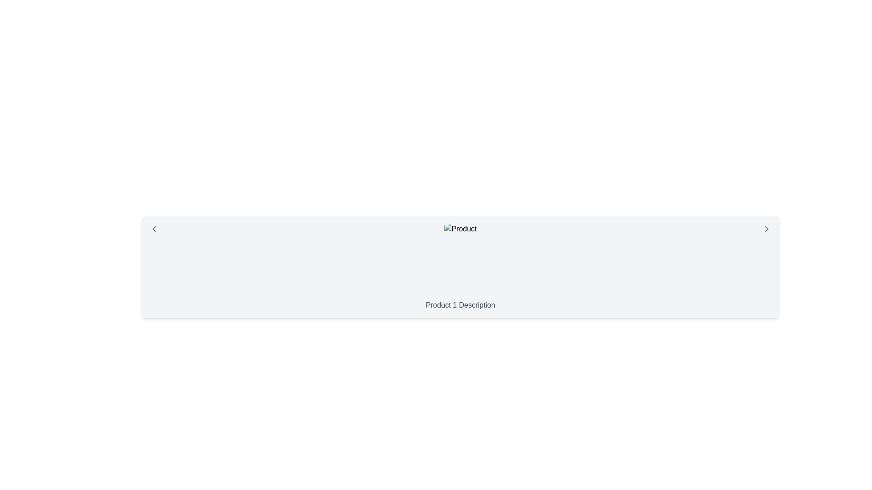 Image resolution: width=872 pixels, height=490 pixels. What do you see at coordinates (460, 305) in the screenshot?
I see `the text label displaying 'Product 1 Description' which is styled in gray and located below an image` at bounding box center [460, 305].